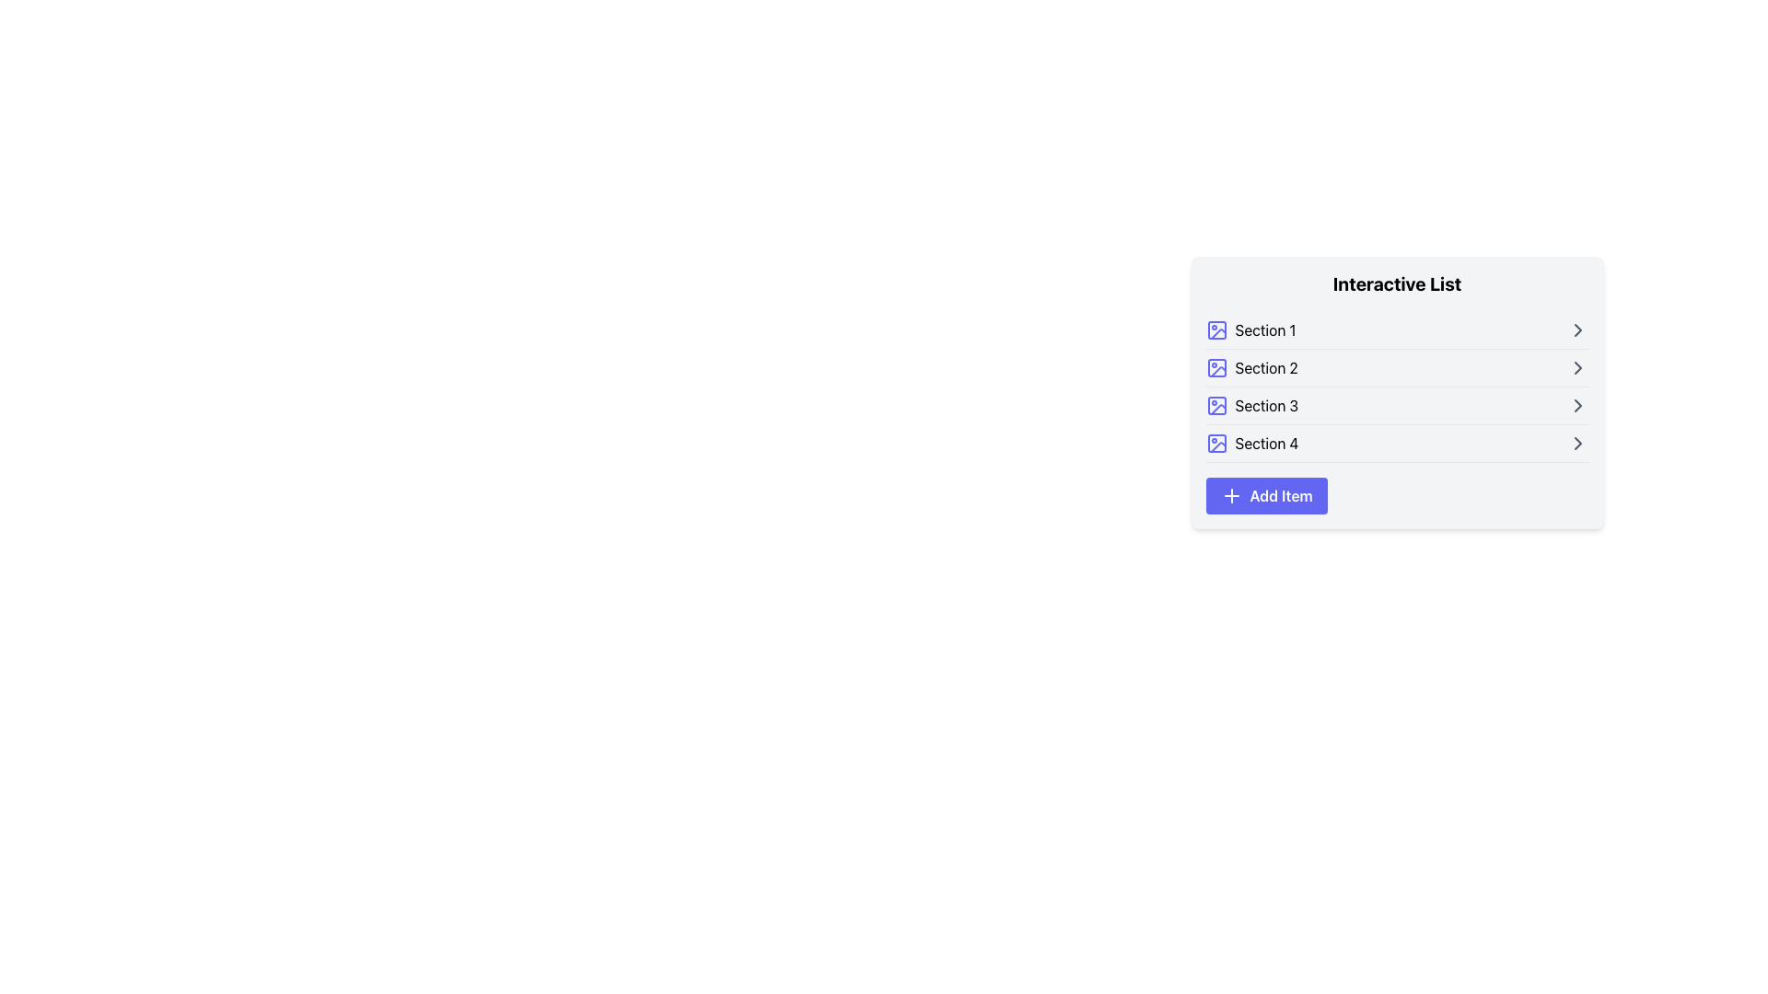 This screenshot has height=994, width=1768. Describe the element at coordinates (1265, 404) in the screenshot. I see `the text label 'Section 3'` at that location.